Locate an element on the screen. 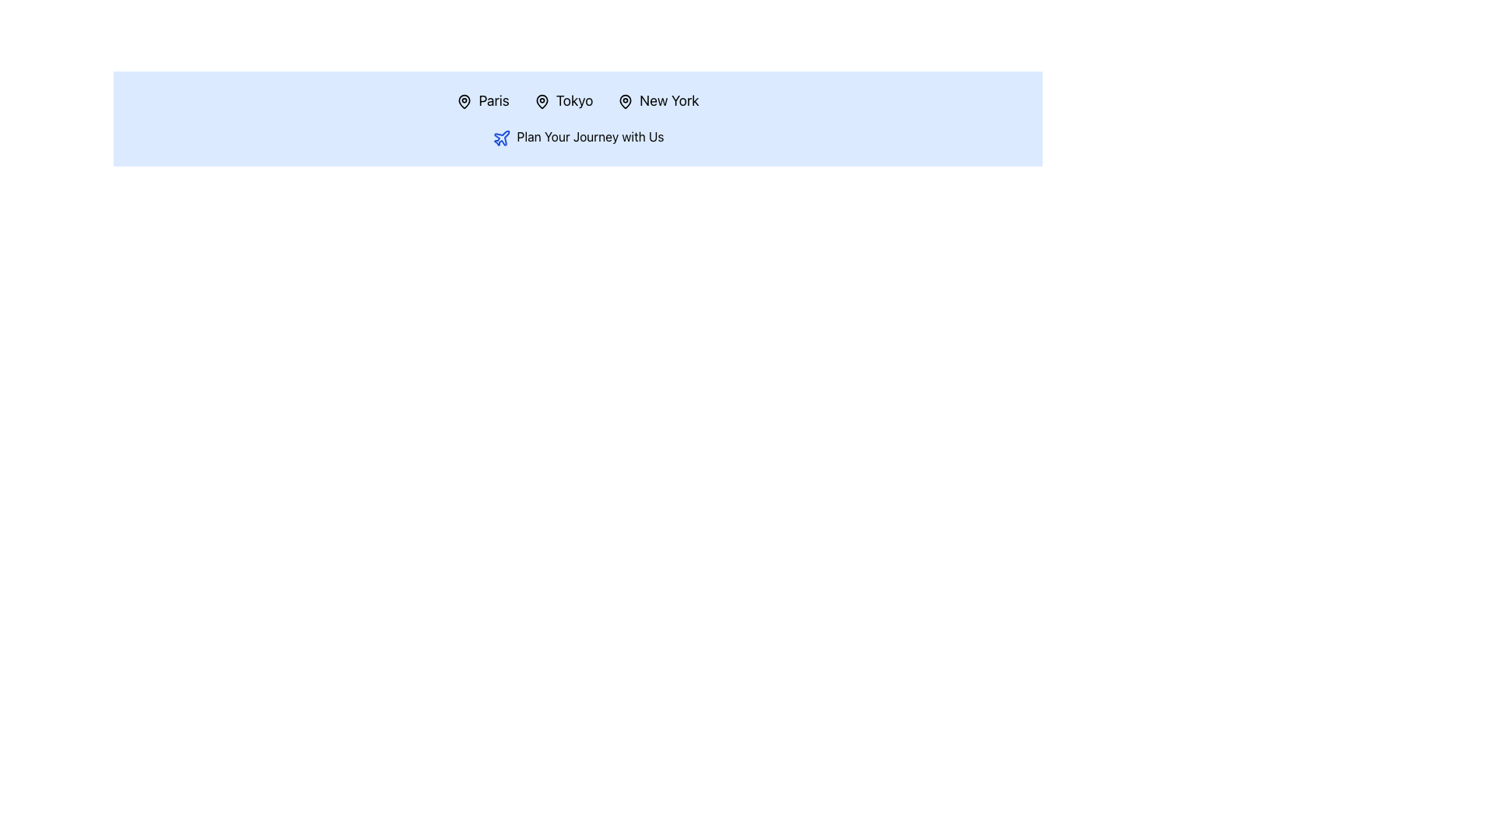 The height and width of the screenshot is (840, 1494). the map pin icon located immediately to the left of the 'New York' text on the blue background bar near the top-right of the interface is located at coordinates (626, 102).